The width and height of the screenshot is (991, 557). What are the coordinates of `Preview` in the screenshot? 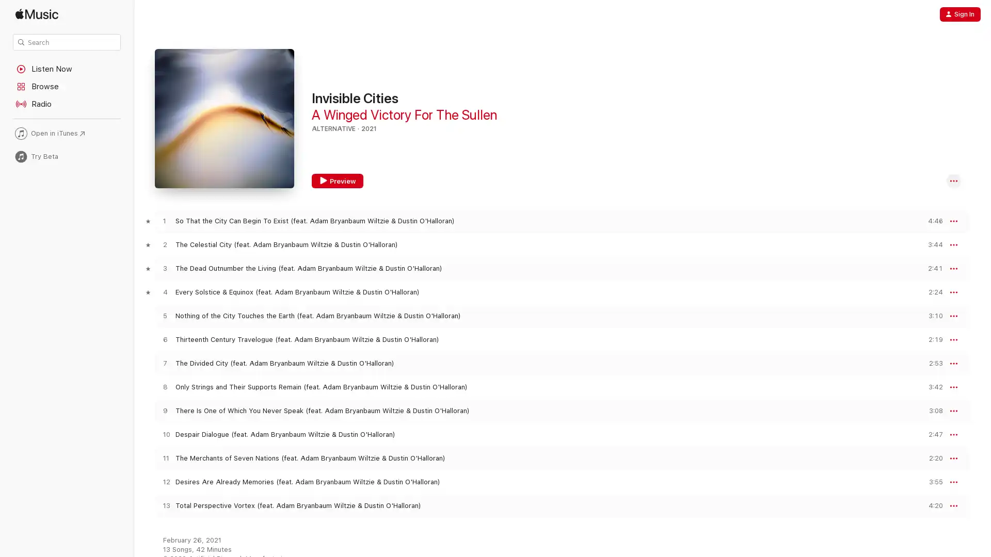 It's located at (931, 292).